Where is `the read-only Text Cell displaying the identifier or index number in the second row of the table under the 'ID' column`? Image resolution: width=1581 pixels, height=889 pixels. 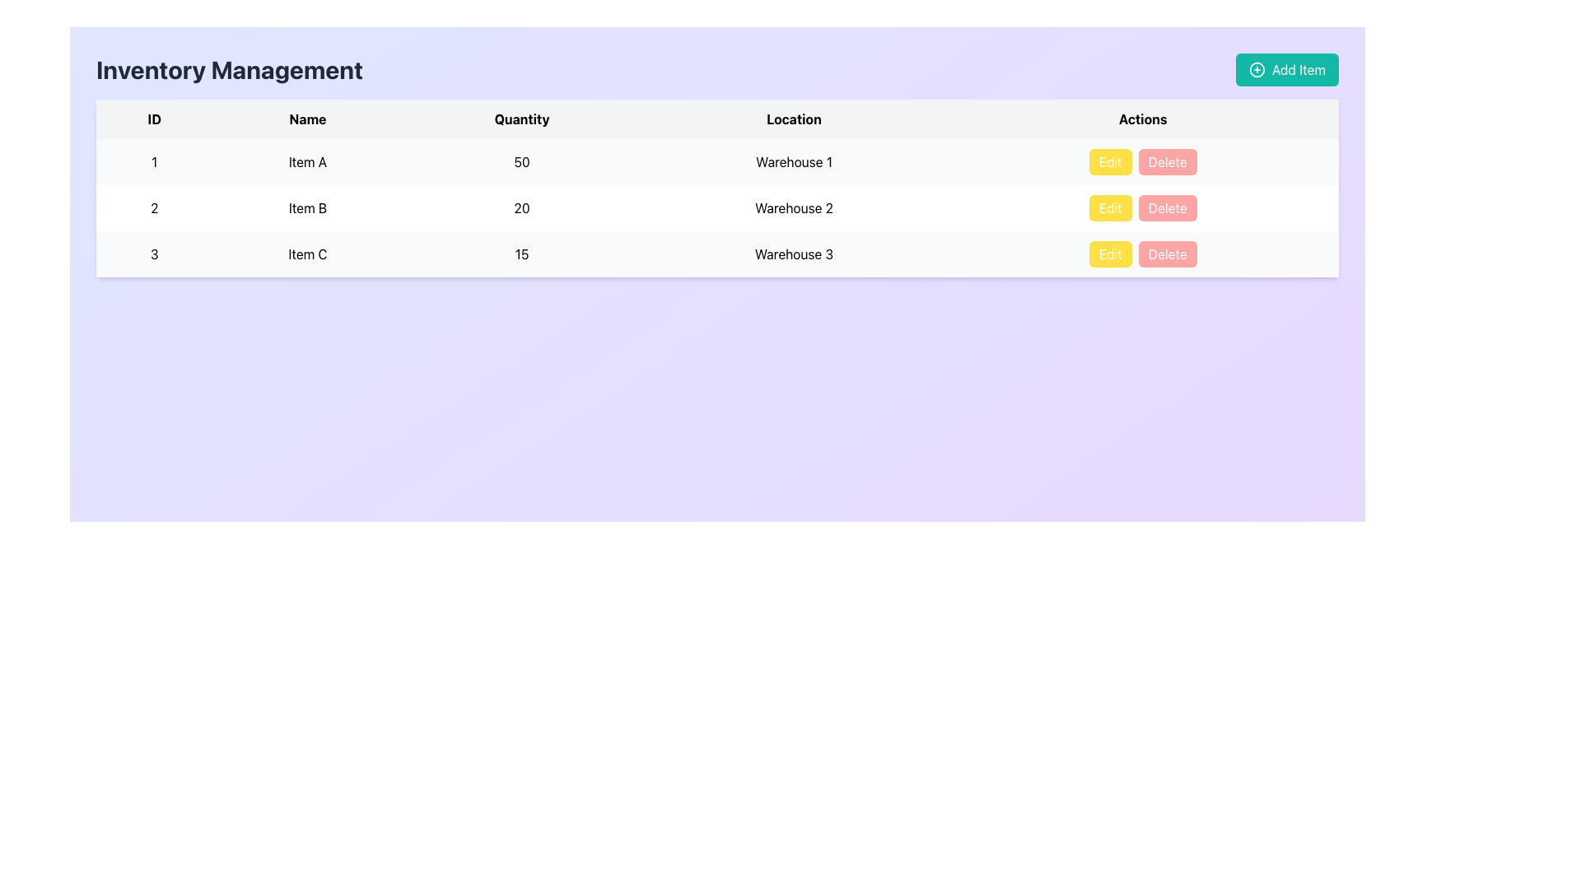
the read-only Text Cell displaying the identifier or index number in the second row of the table under the 'ID' column is located at coordinates (154, 207).